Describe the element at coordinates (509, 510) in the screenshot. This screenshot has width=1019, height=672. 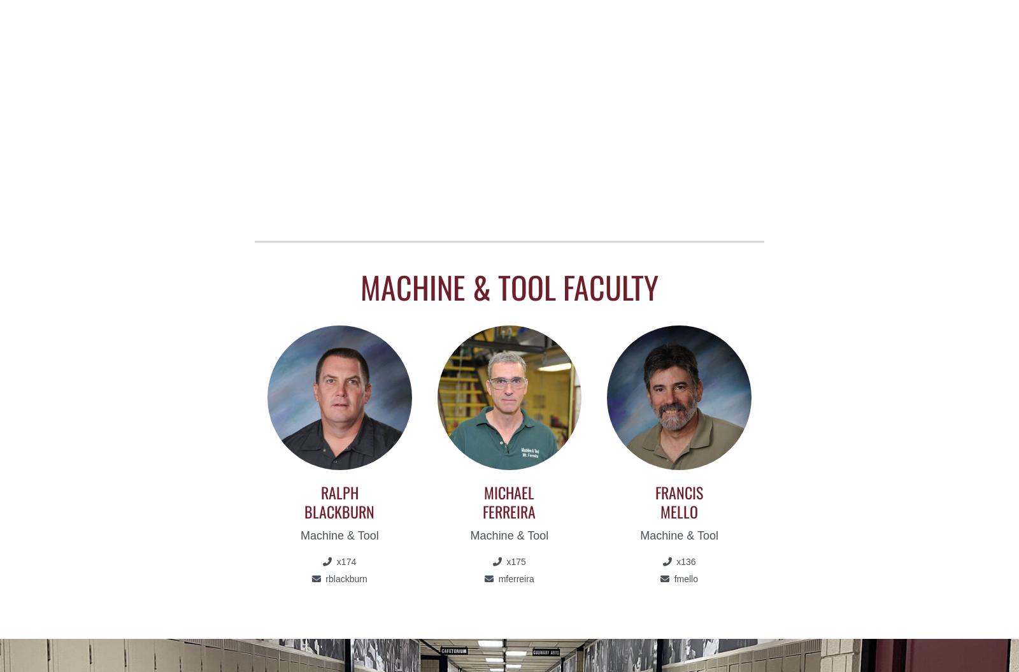
I see `'Ferreira'` at that location.